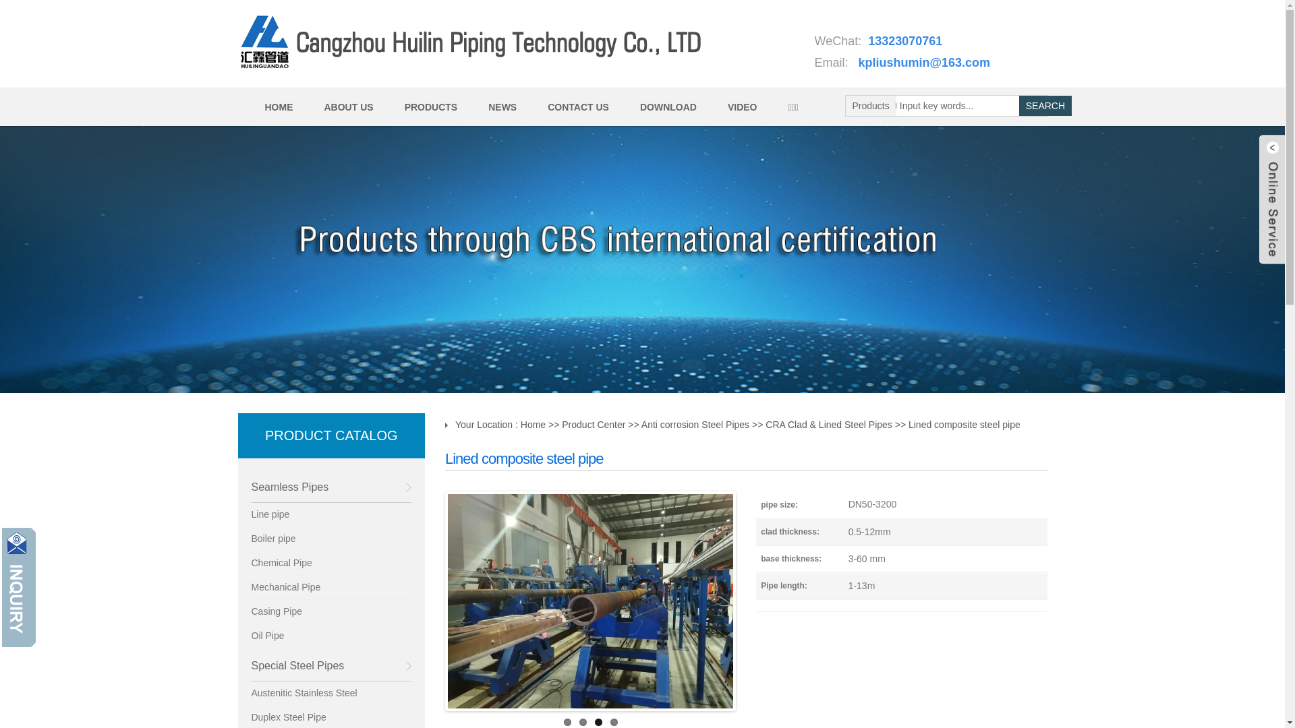 This screenshot has height=728, width=1295. I want to click on '4', so click(613, 721).